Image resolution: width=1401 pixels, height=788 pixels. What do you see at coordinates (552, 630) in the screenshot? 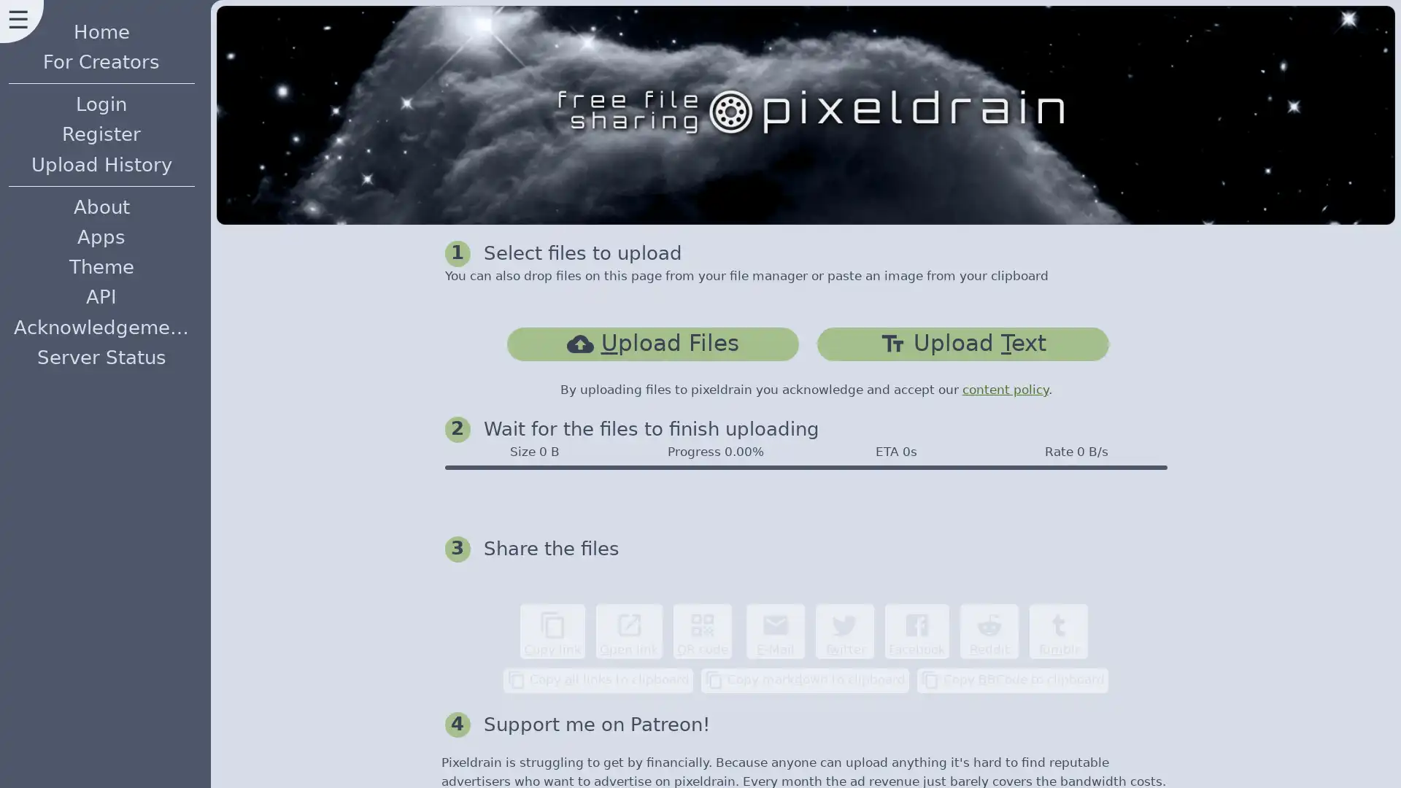
I see `content_copy Copy link` at bounding box center [552, 630].